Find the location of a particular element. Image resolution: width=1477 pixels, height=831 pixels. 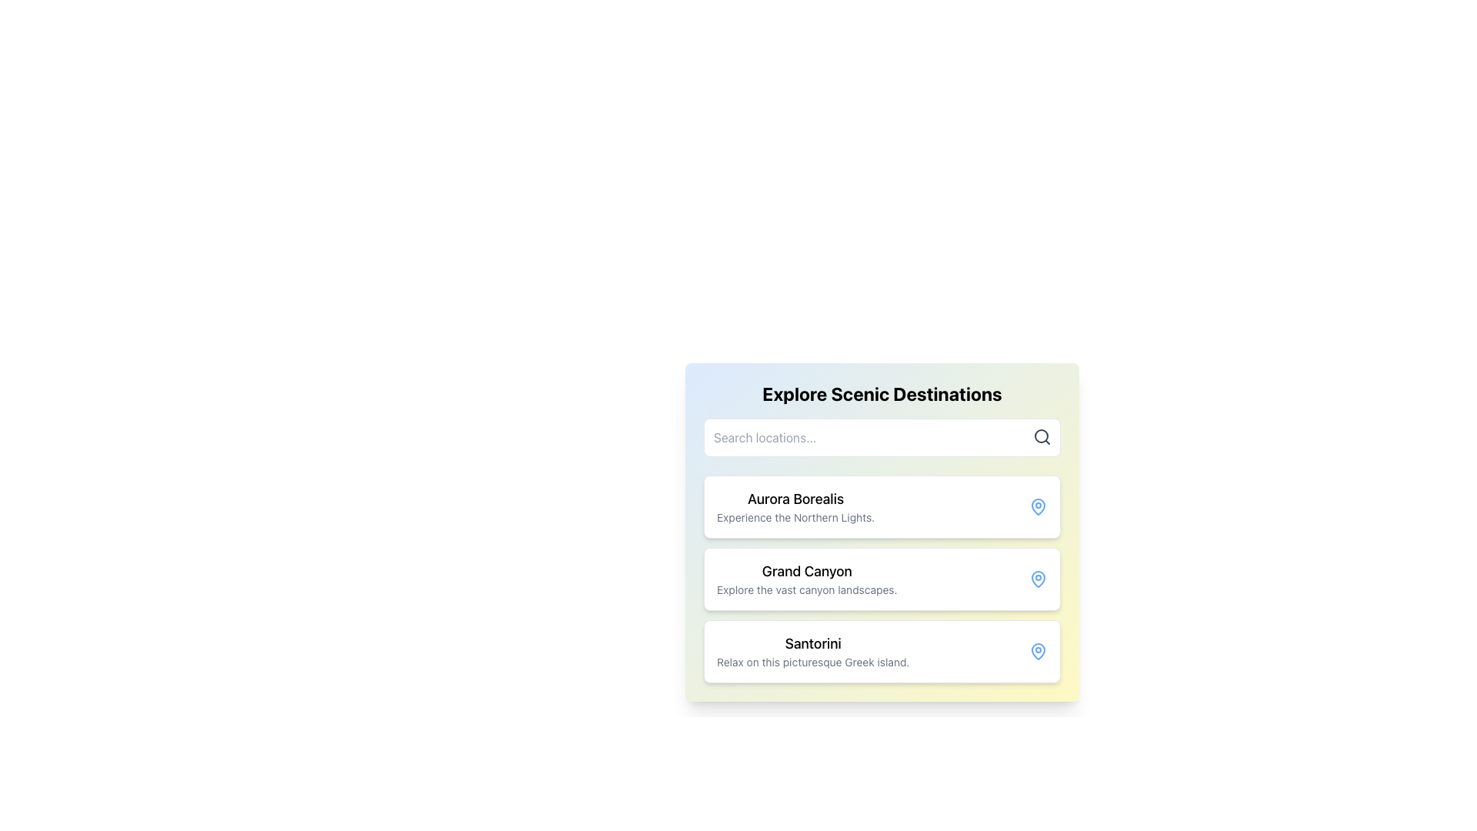

the blue outlined map pin icon located at the far right end of the 'Grand Canyon' card is located at coordinates (1038, 579).